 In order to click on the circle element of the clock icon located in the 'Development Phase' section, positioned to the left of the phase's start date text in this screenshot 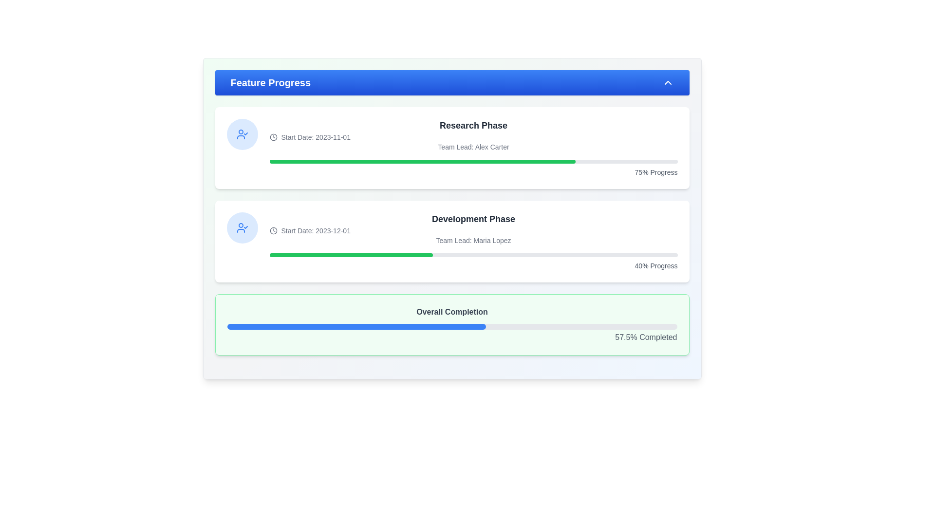, I will do `click(273, 137)`.